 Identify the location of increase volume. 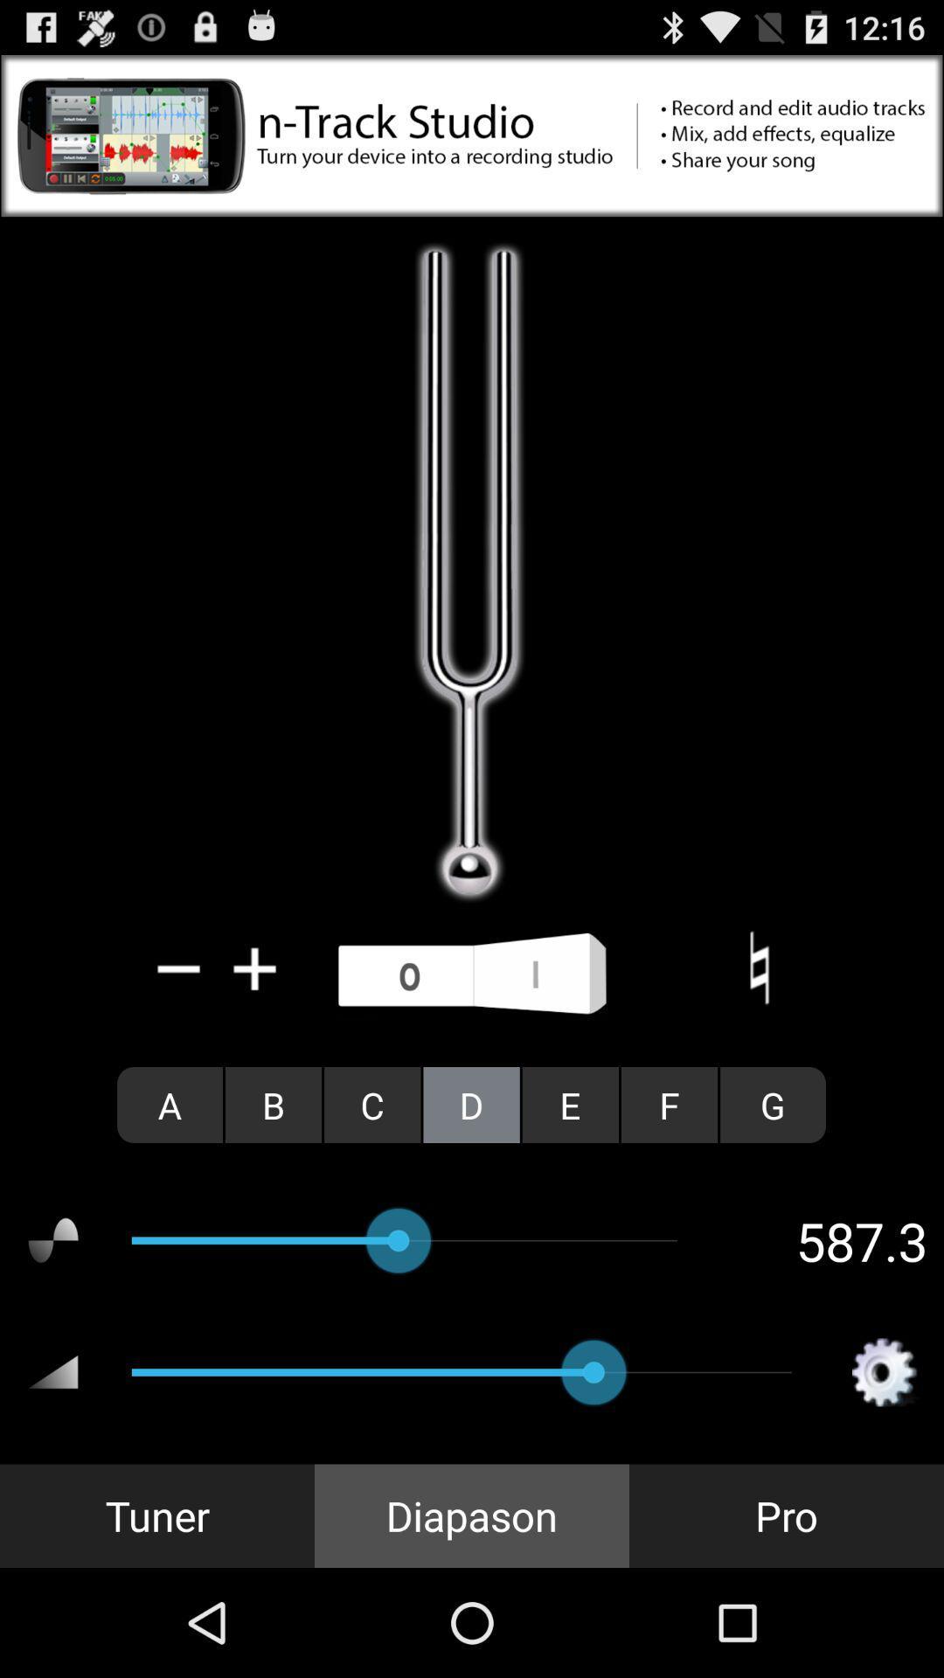
(255, 967).